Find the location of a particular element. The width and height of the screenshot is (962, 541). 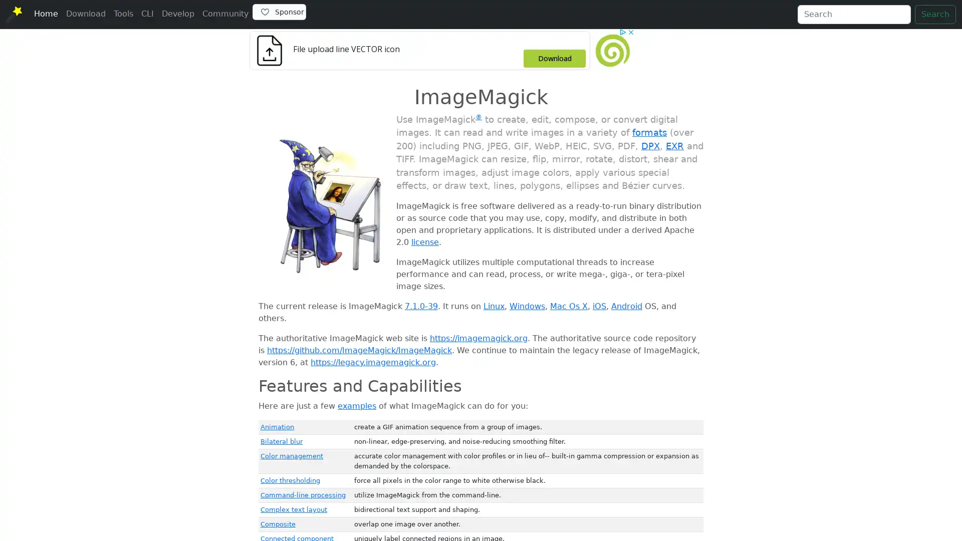

Search is located at coordinates (935, 15).